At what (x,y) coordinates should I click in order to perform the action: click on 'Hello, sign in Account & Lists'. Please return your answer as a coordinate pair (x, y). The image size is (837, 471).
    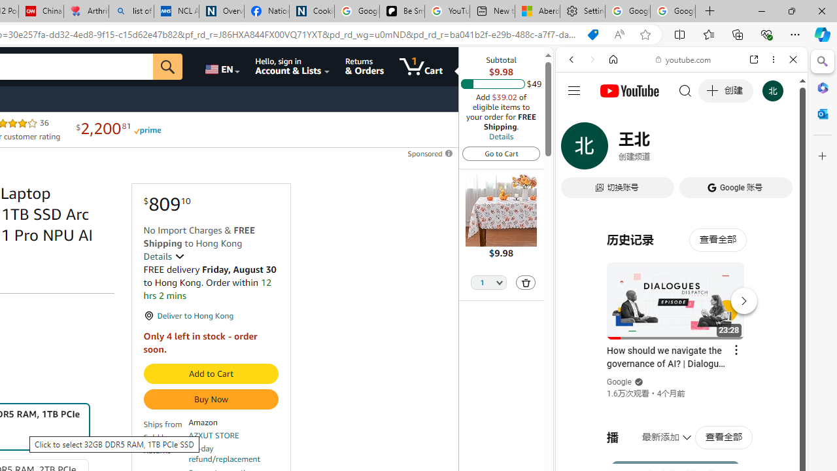
    Looking at the image, I should click on (292, 66).